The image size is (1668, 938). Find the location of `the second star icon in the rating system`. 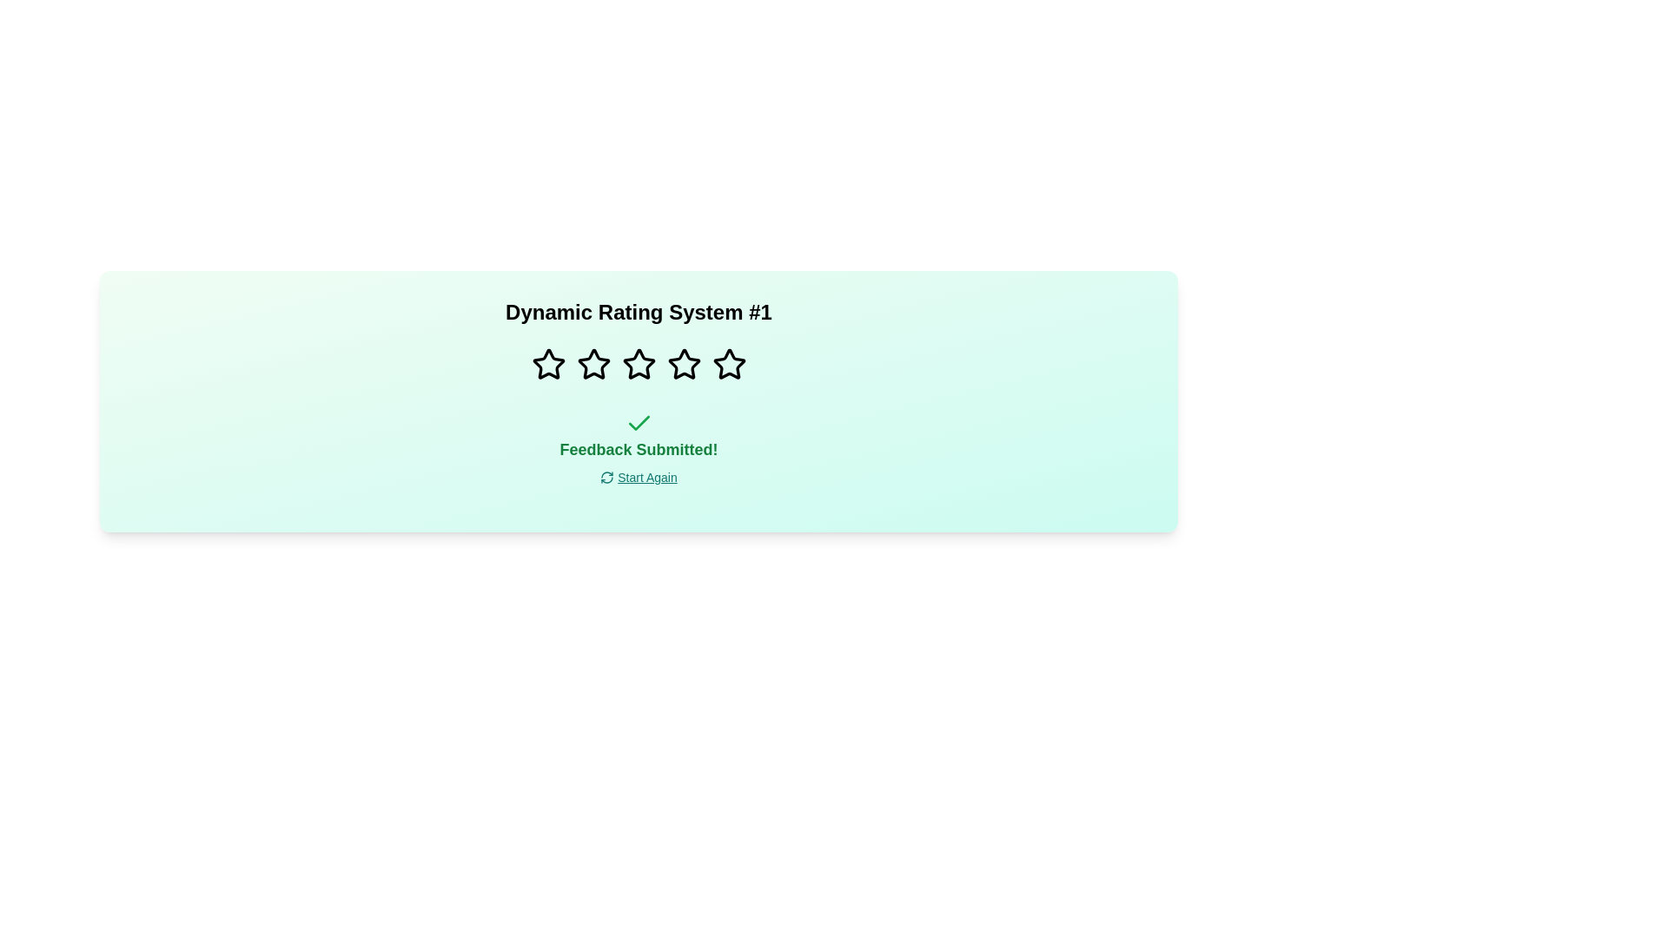

the second star icon in the rating system is located at coordinates (593, 363).